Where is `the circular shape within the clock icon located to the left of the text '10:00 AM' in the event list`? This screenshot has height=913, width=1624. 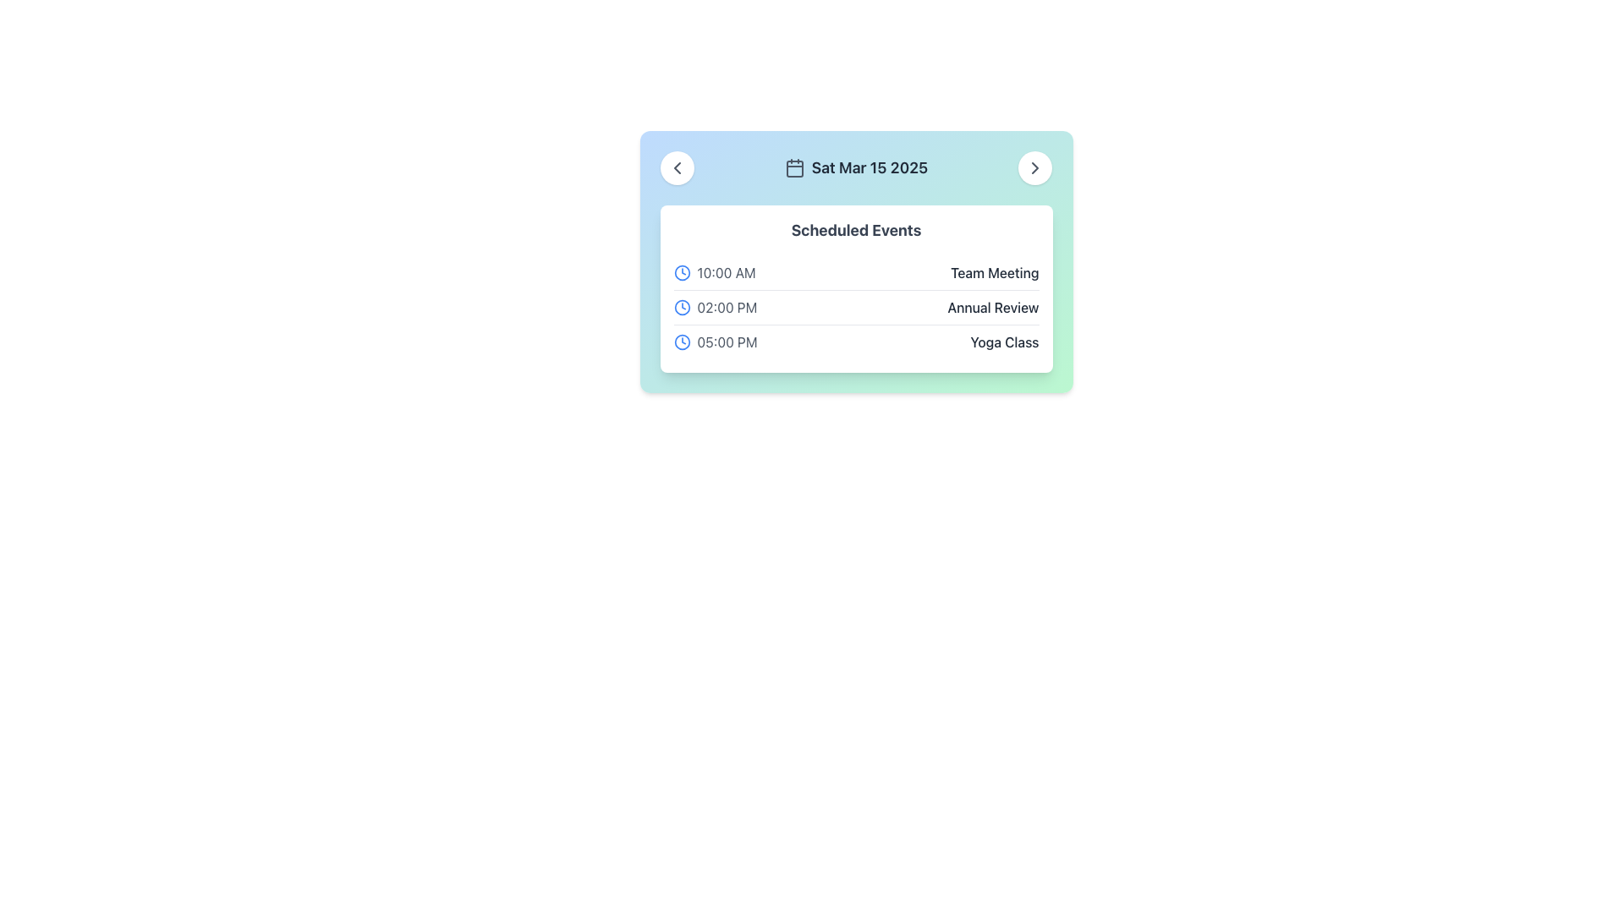 the circular shape within the clock icon located to the left of the text '10:00 AM' in the event list is located at coordinates (682, 272).